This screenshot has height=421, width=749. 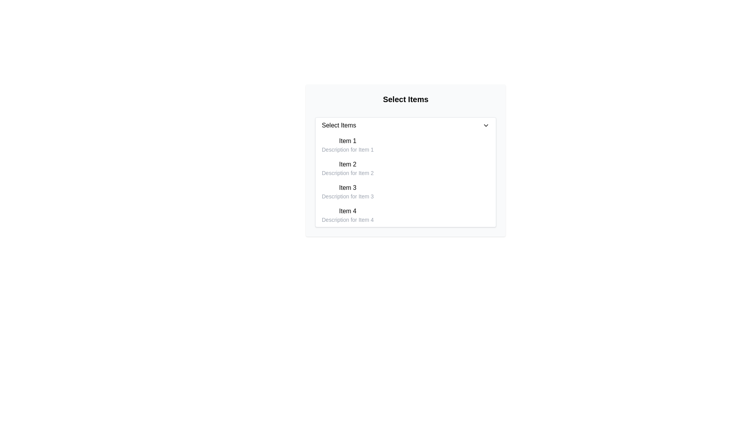 What do you see at coordinates (347, 164) in the screenshot?
I see `the text label displaying 'Item 2', which is the second entry in a selectable dropdown list under the header 'Select Items'` at bounding box center [347, 164].